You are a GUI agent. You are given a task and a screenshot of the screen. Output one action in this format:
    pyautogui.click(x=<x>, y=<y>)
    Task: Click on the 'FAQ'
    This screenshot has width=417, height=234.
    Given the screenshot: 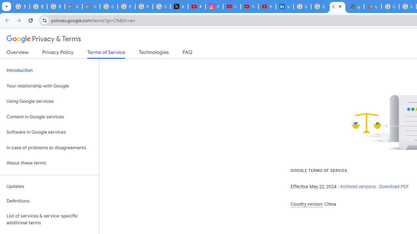 What is the action you would take?
    pyautogui.click(x=187, y=53)
    